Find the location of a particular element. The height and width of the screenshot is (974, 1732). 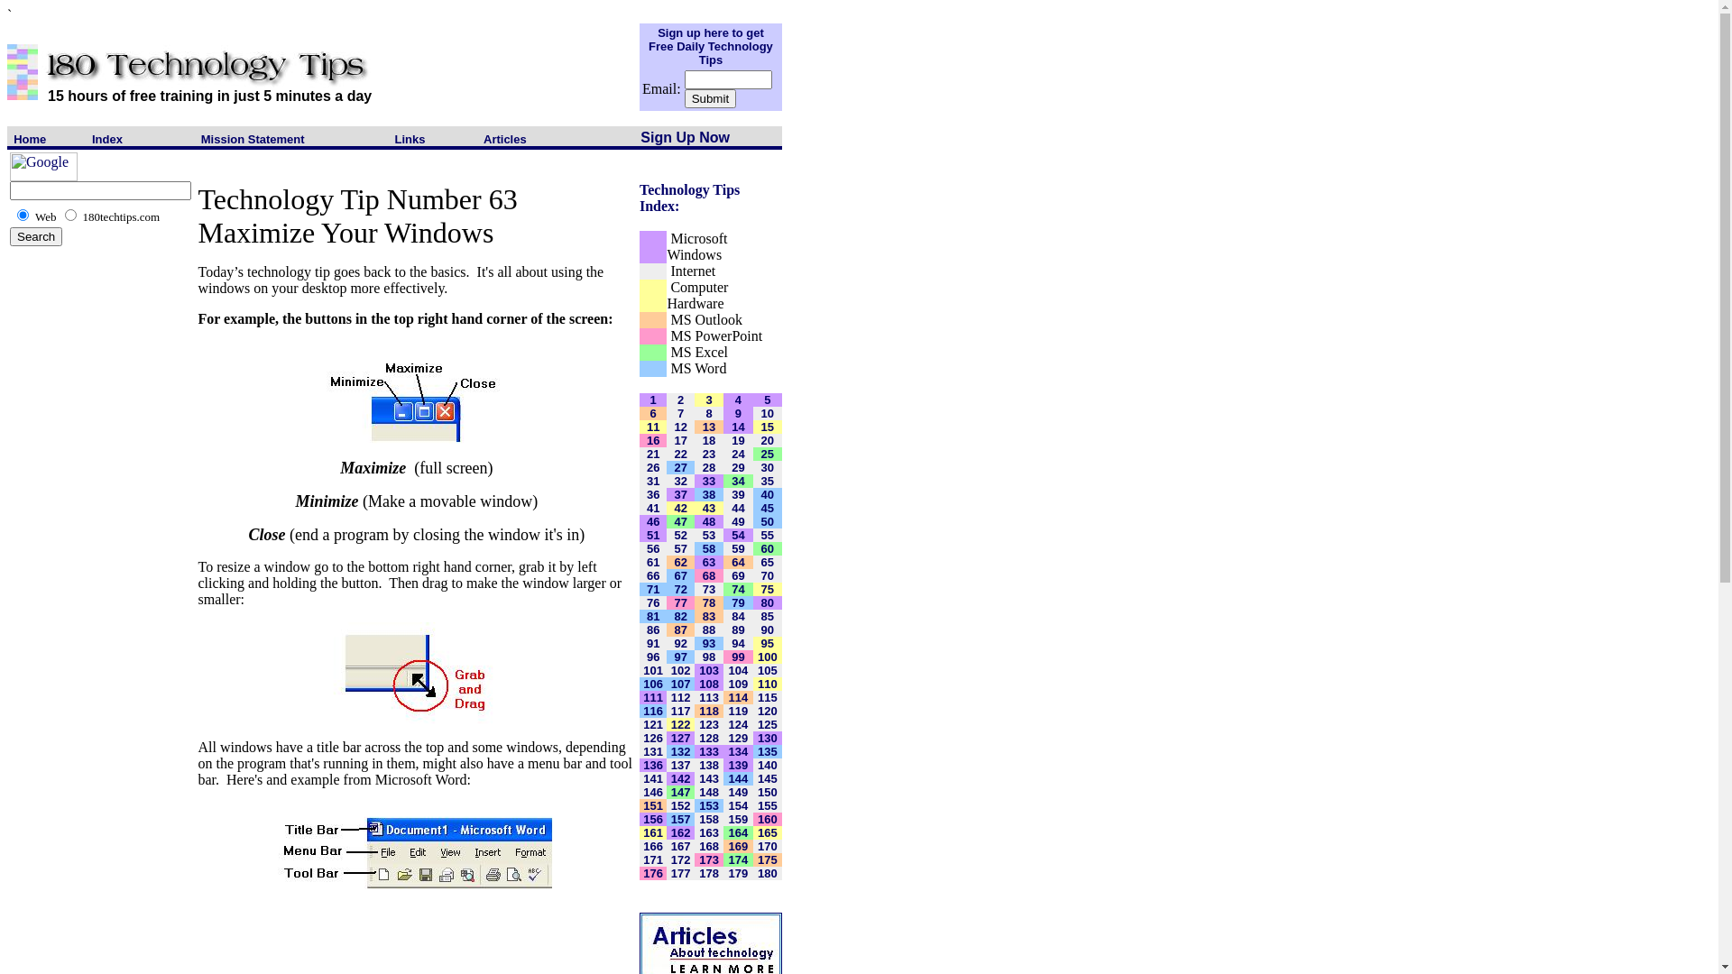

'105' is located at coordinates (767, 669).